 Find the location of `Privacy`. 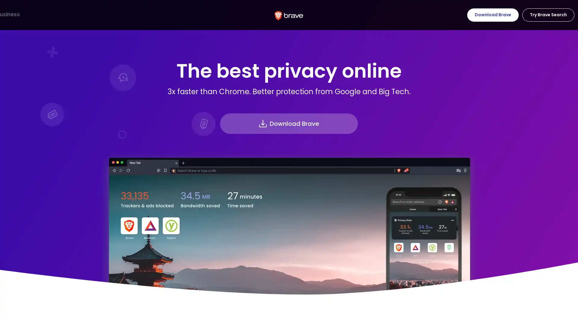

Privacy is located at coordinates (78, 14).